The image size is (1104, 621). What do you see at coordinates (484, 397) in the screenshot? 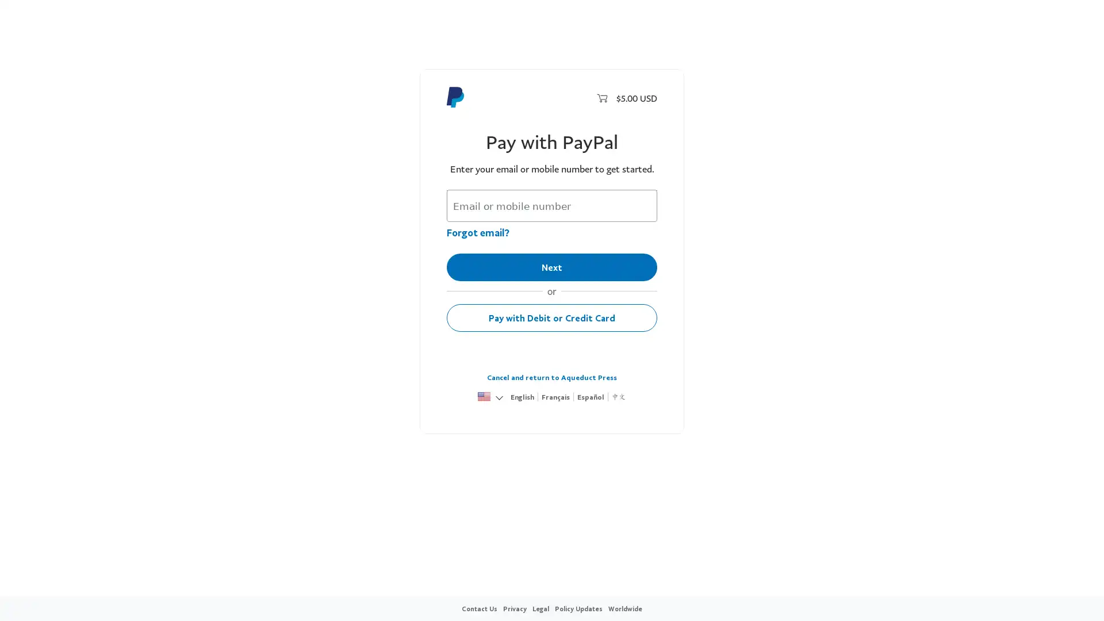
I see `United States` at bounding box center [484, 397].